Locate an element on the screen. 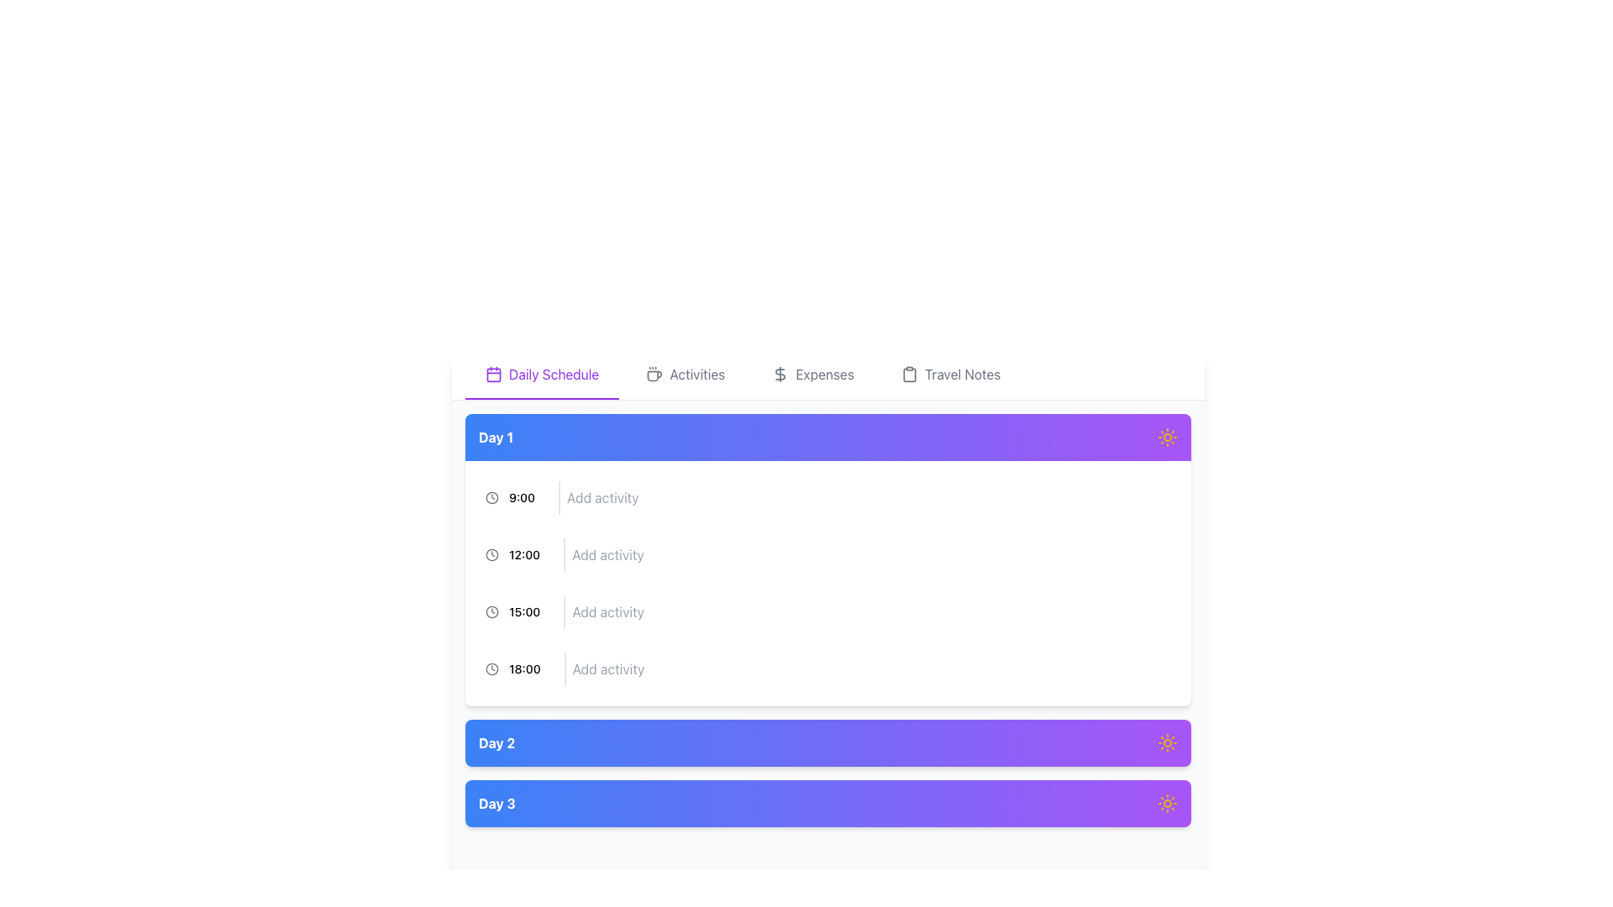 The image size is (1613, 907). the clipboard icon located to the far right of the 'Day 1' purple tab is located at coordinates (908, 374).